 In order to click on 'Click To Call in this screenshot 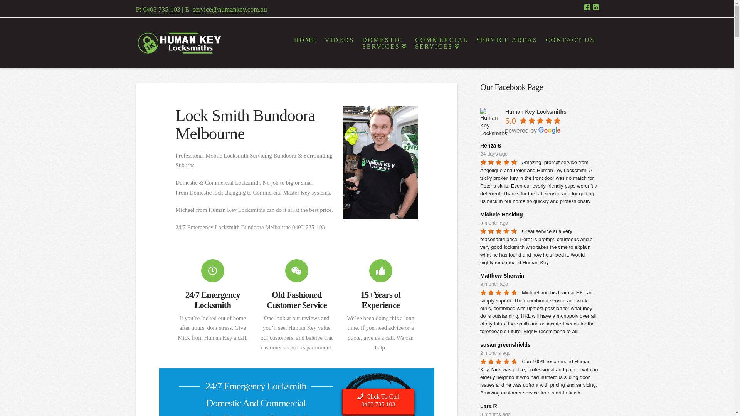, I will do `click(378, 401)`.